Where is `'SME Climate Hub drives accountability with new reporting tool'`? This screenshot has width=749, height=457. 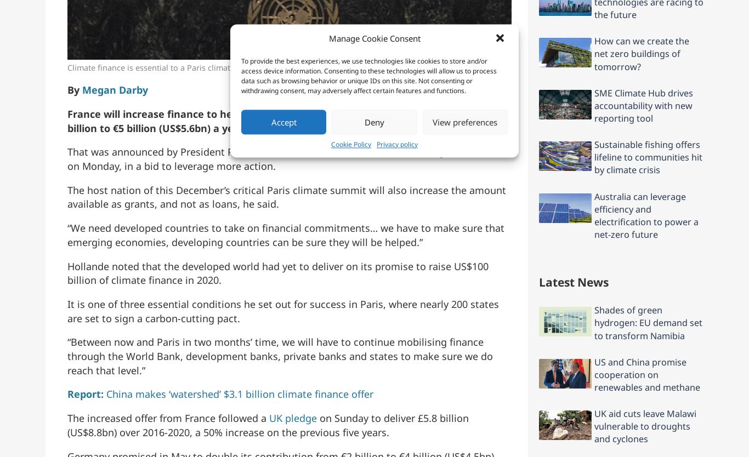
'SME Climate Hub drives accountability with new reporting tool' is located at coordinates (643, 105).